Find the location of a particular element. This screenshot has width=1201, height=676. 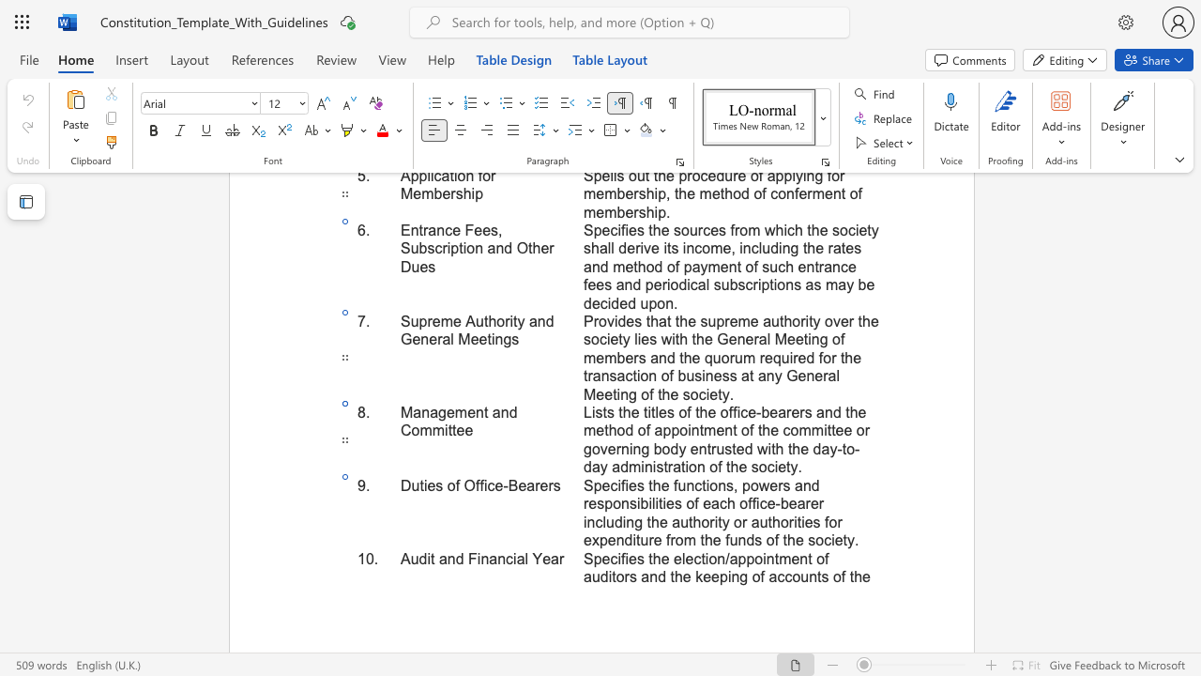

the 1th character "c" in the text is located at coordinates (509, 558).